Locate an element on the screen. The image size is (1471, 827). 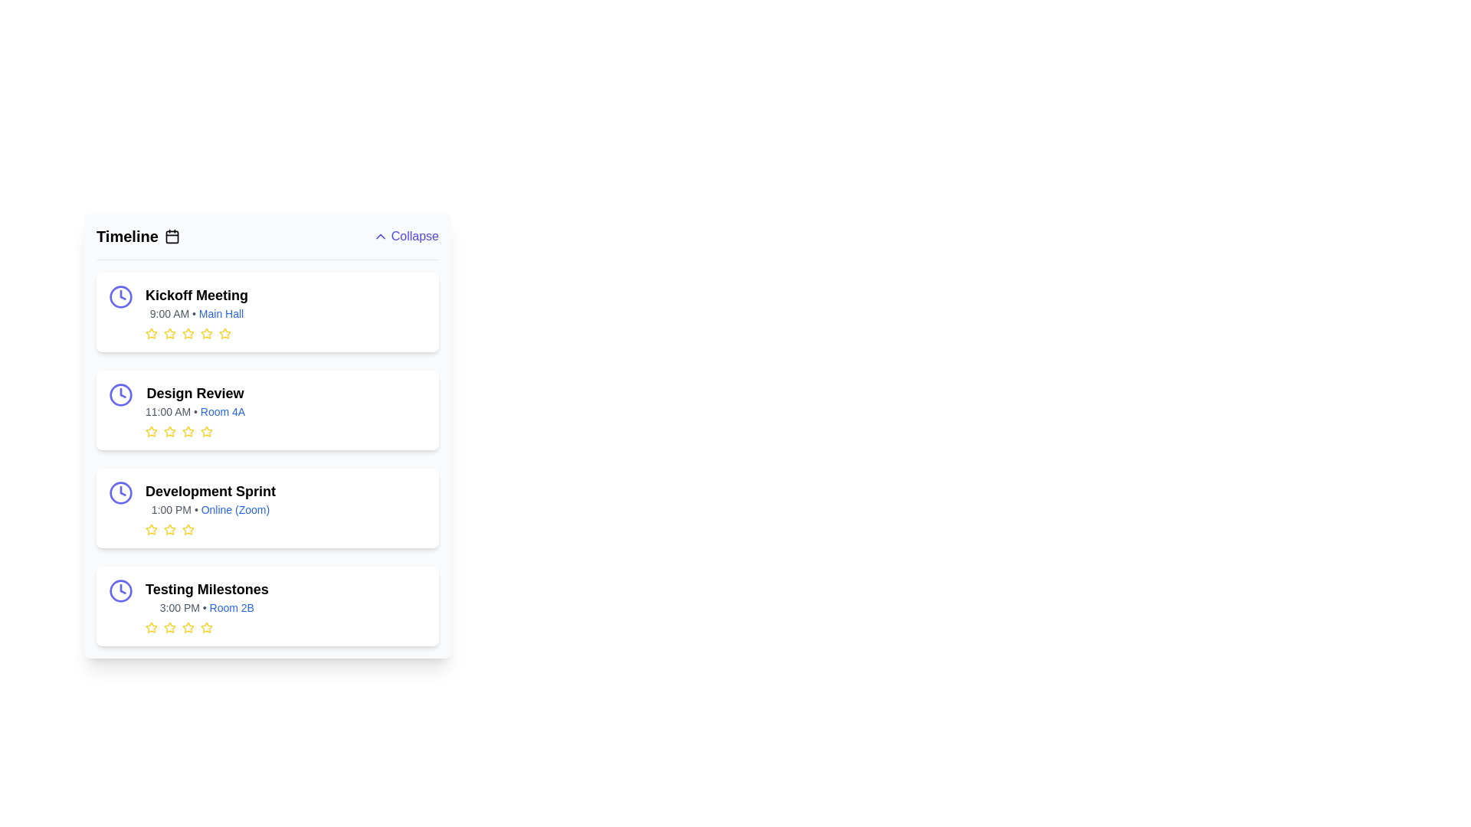
the 'Timeline' section header label with the calendar icon for accessibility navigation is located at coordinates (138, 236).